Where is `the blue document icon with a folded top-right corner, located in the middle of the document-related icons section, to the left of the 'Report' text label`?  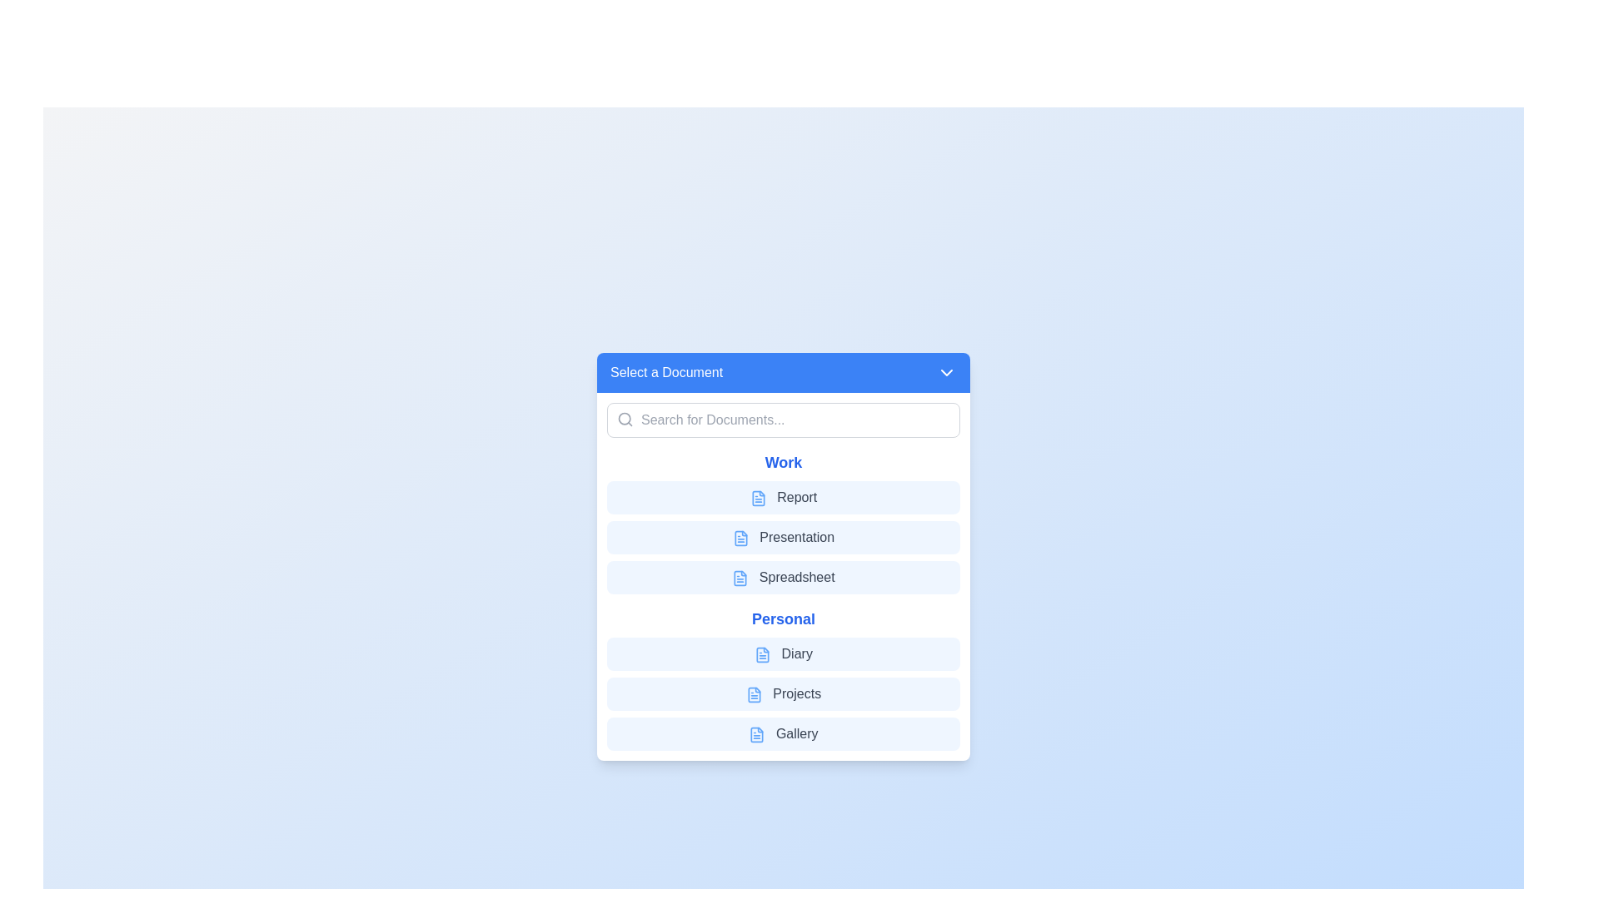
the blue document icon with a folded top-right corner, located in the middle of the document-related icons section, to the left of the 'Report' text label is located at coordinates (757, 497).